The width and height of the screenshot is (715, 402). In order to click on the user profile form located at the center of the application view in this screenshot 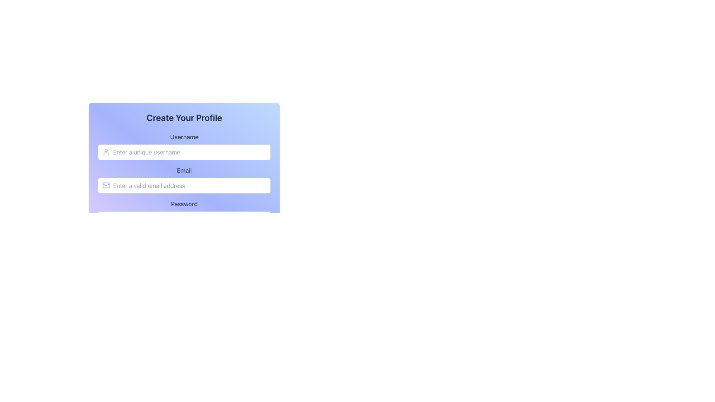, I will do `click(184, 153)`.